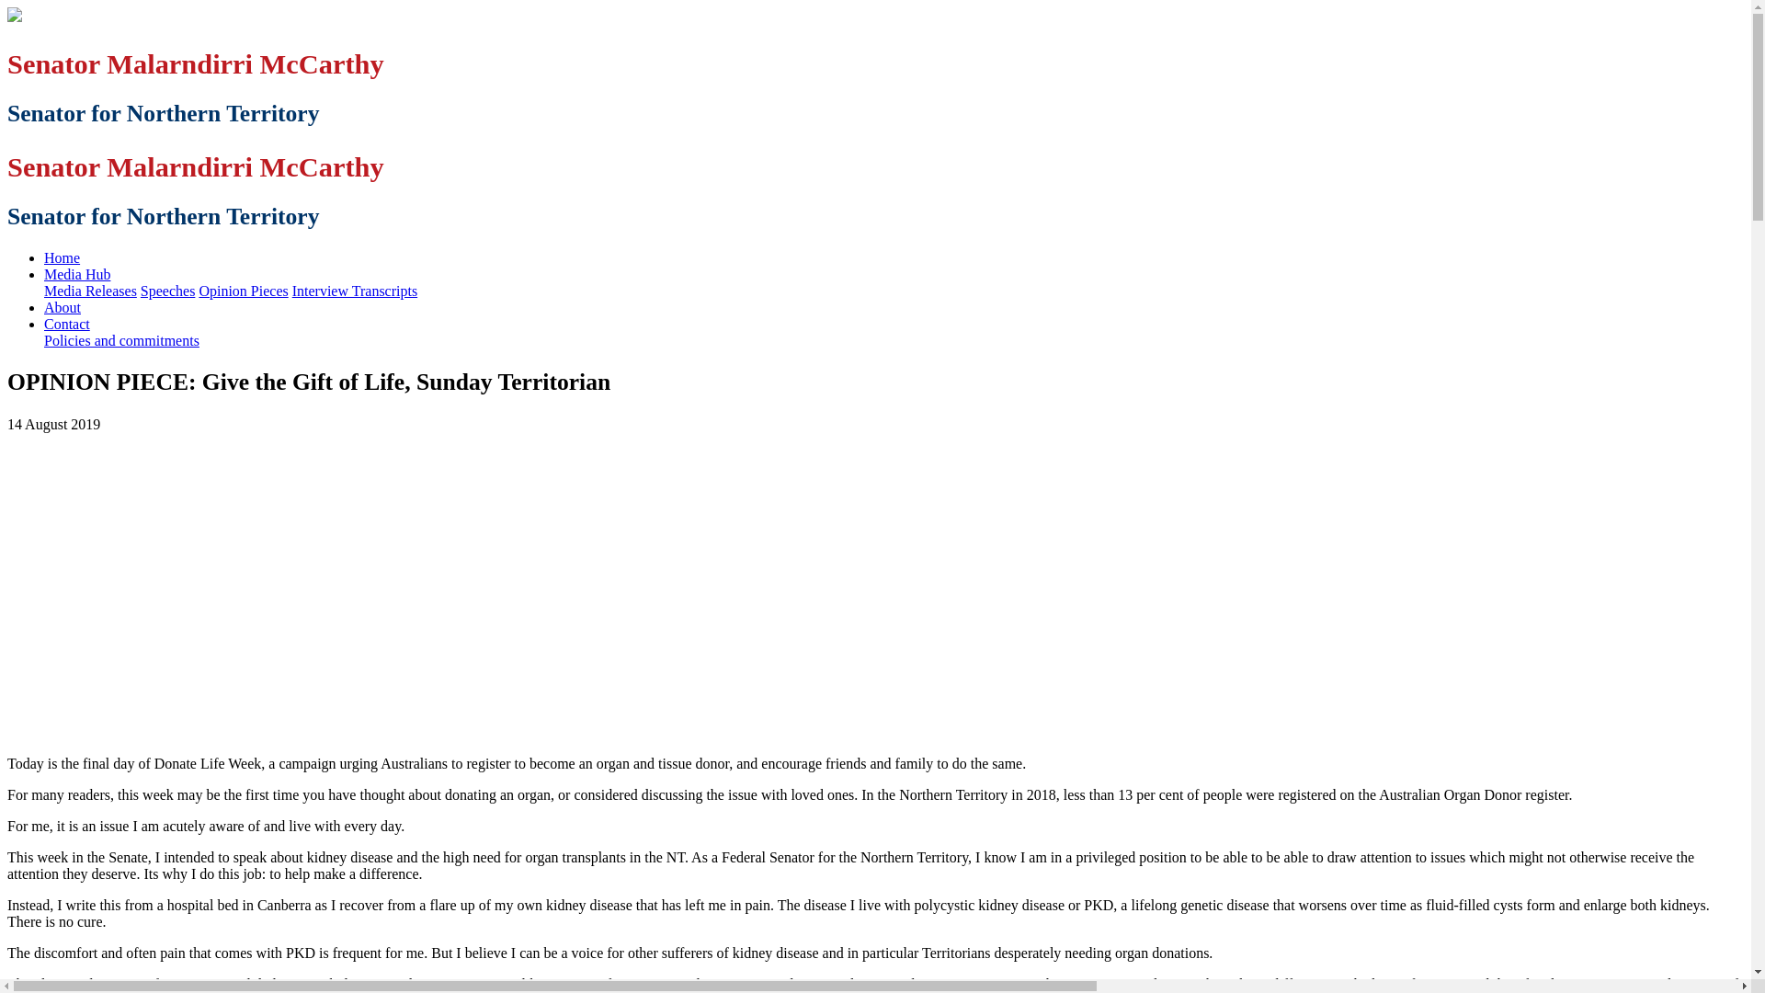  Describe the element at coordinates (120, 340) in the screenshot. I see `'Policies and commitments'` at that location.